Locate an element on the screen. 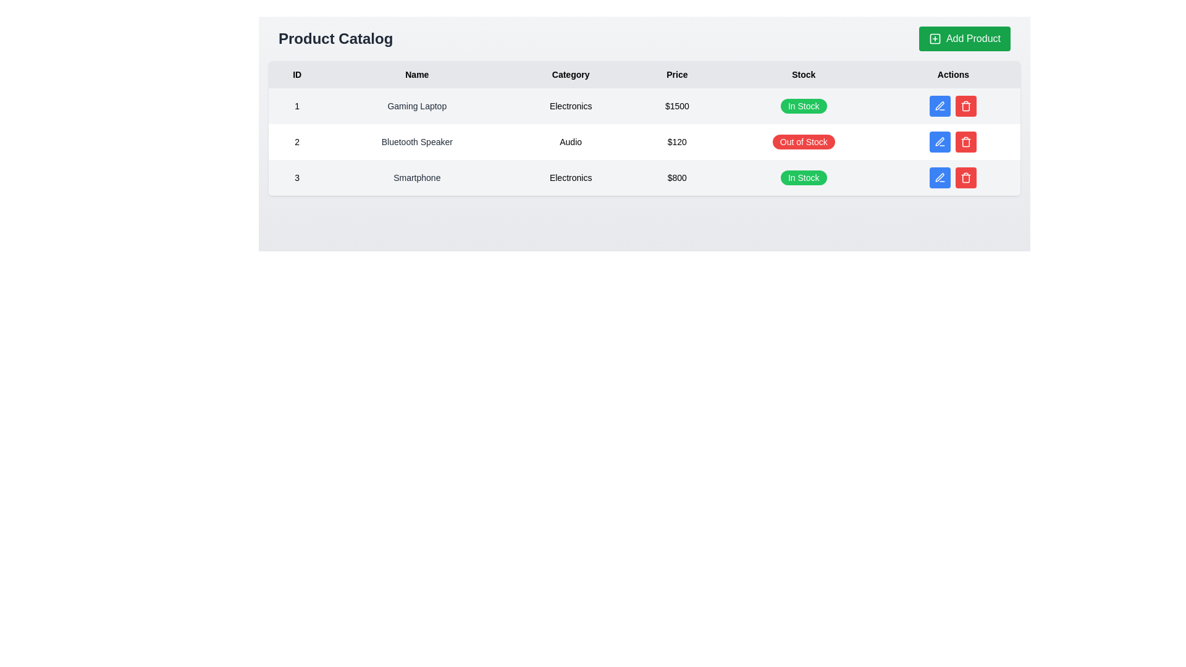  the edit icon button located in the 'Actions' column of the second row of the table to modify the corresponding item is located at coordinates (940, 105).